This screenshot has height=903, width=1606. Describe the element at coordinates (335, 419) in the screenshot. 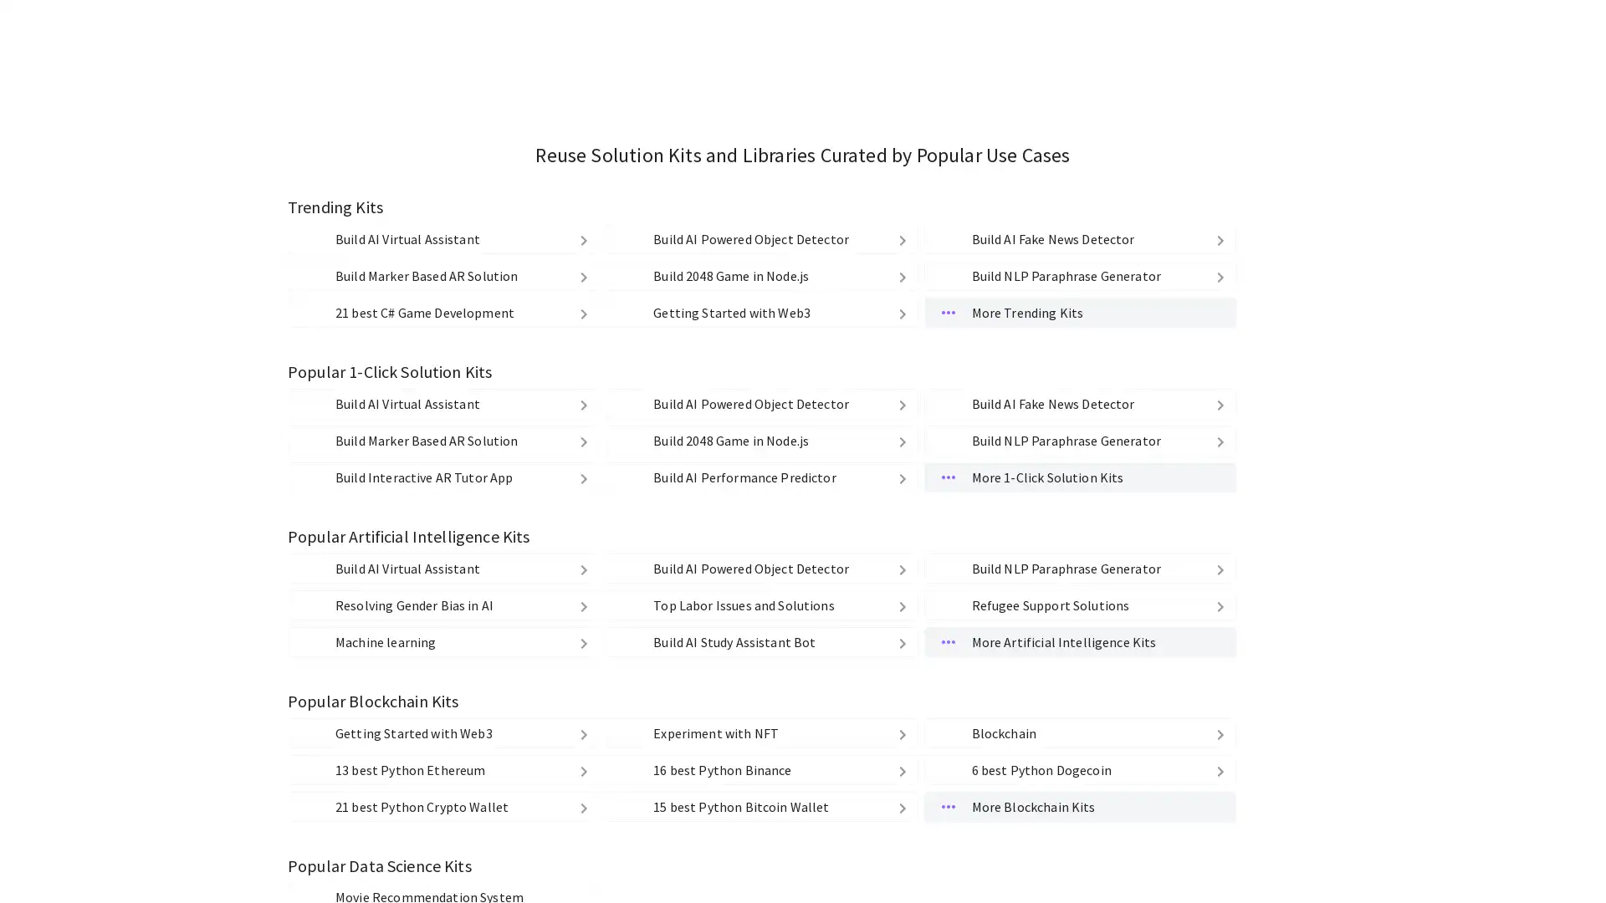

I see `PHP PHP` at that location.